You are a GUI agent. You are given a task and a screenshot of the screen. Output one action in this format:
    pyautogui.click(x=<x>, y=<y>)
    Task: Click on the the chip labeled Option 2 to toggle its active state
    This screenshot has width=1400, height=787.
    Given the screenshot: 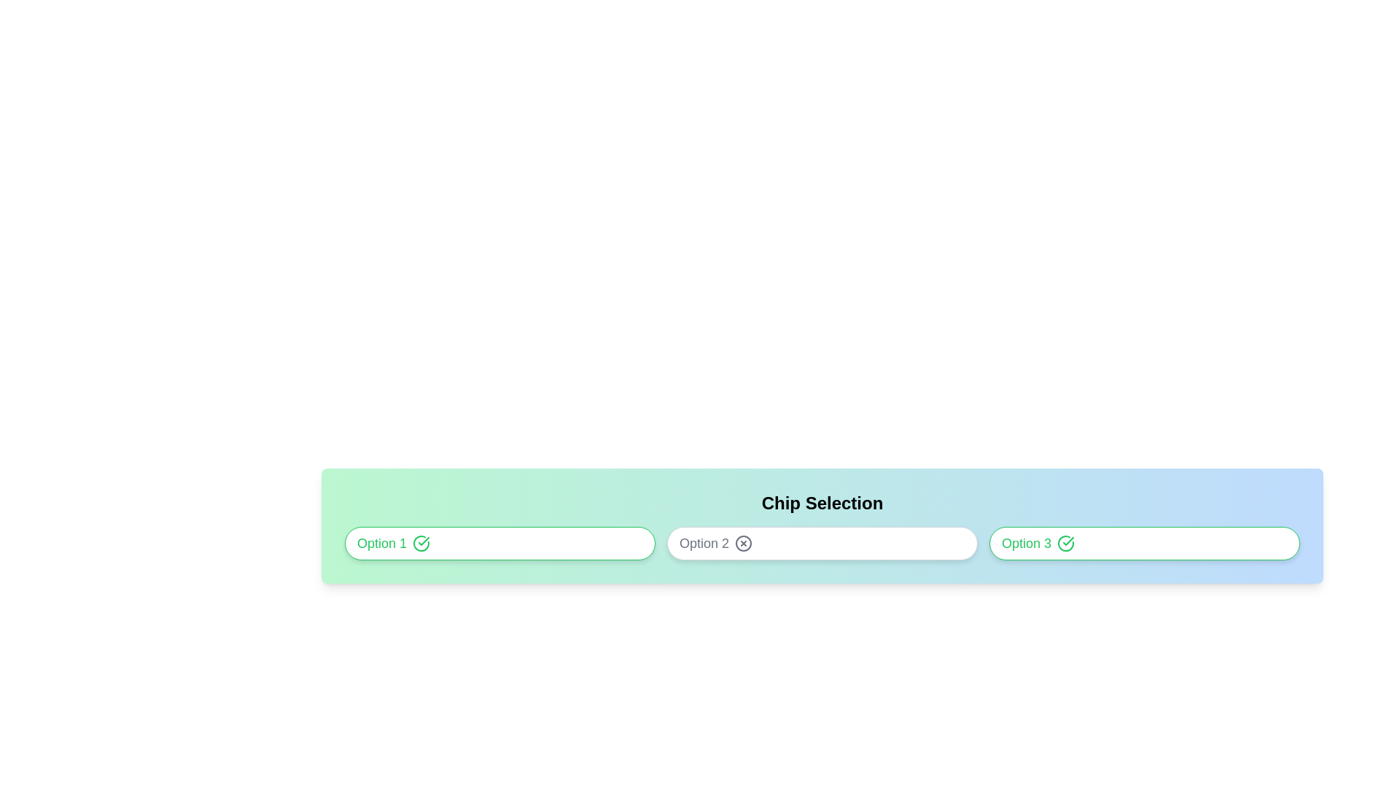 What is the action you would take?
    pyautogui.click(x=822, y=543)
    